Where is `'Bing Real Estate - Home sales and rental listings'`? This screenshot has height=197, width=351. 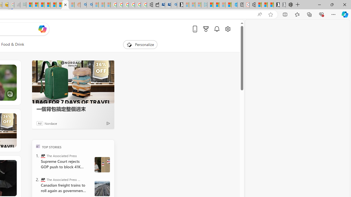 'Bing Real Estate - Home sales and rental listings' is located at coordinates (174, 5).